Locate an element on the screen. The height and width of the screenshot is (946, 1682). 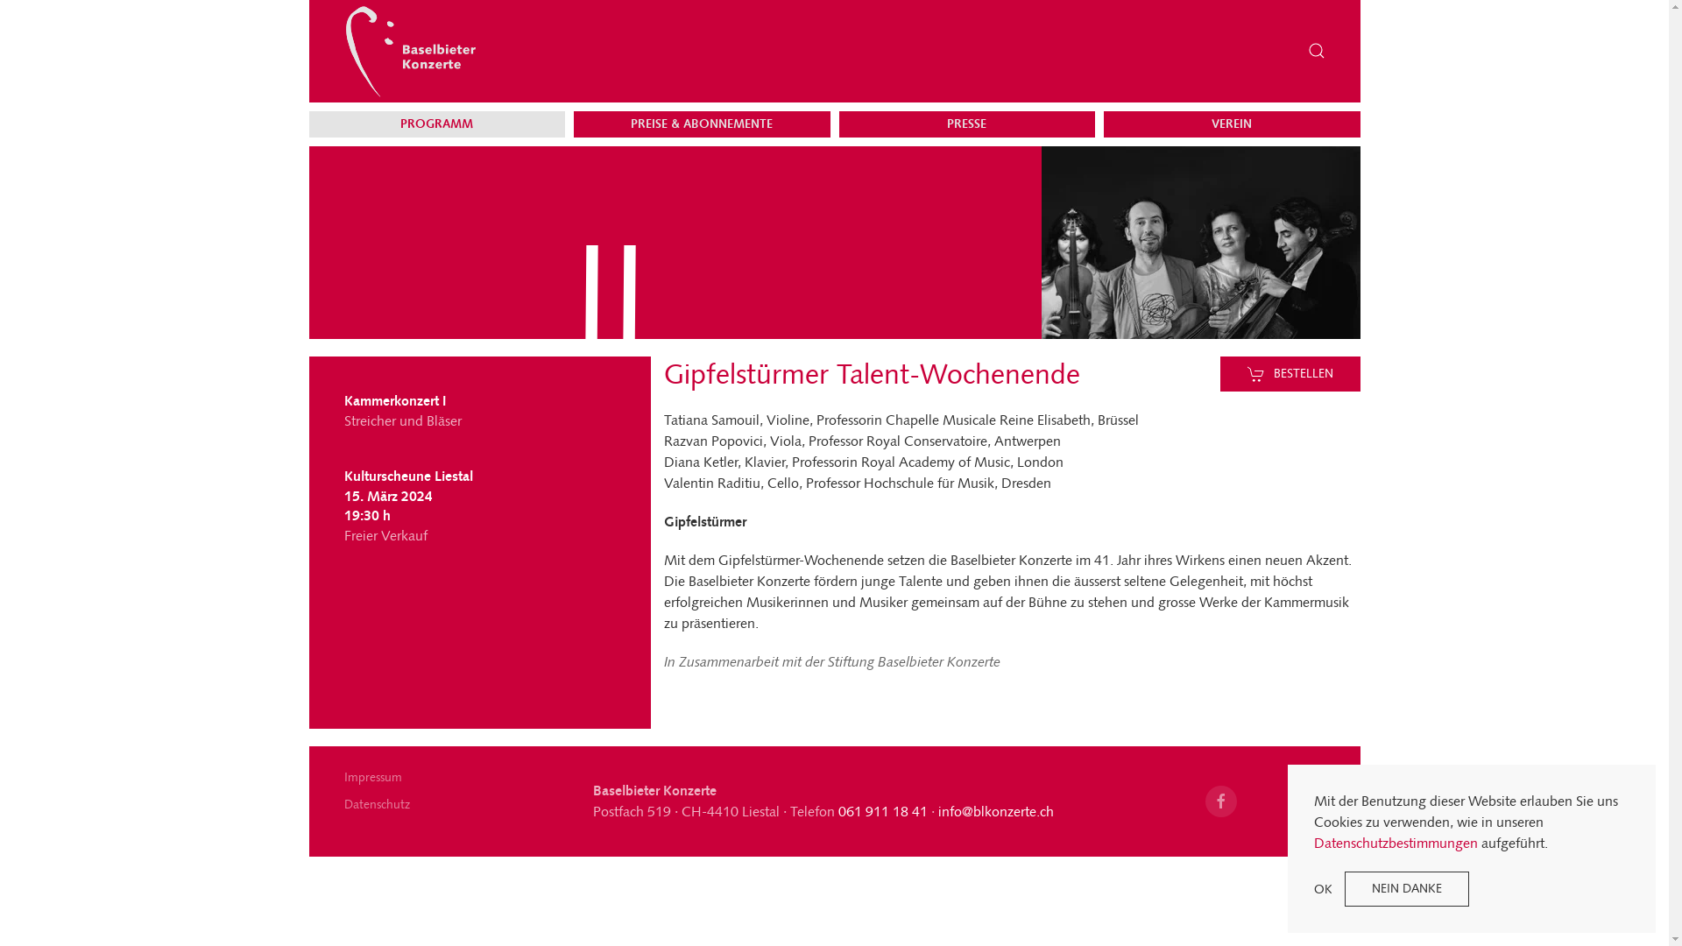
'PRESSE' is located at coordinates (965, 124).